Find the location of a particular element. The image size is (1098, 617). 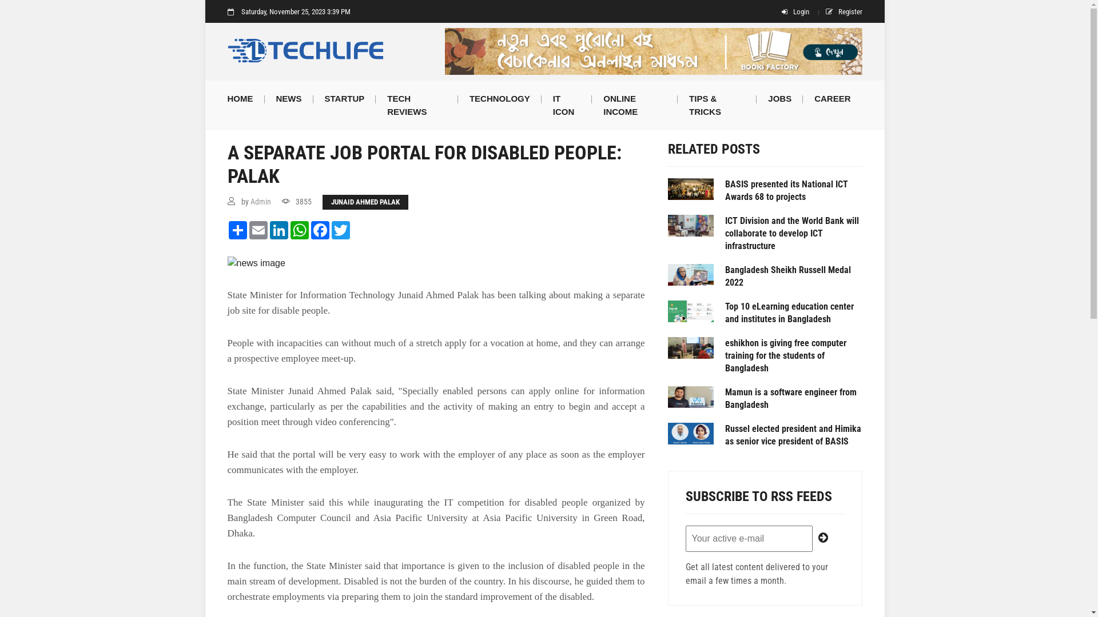

'Twitter' is located at coordinates (340, 230).